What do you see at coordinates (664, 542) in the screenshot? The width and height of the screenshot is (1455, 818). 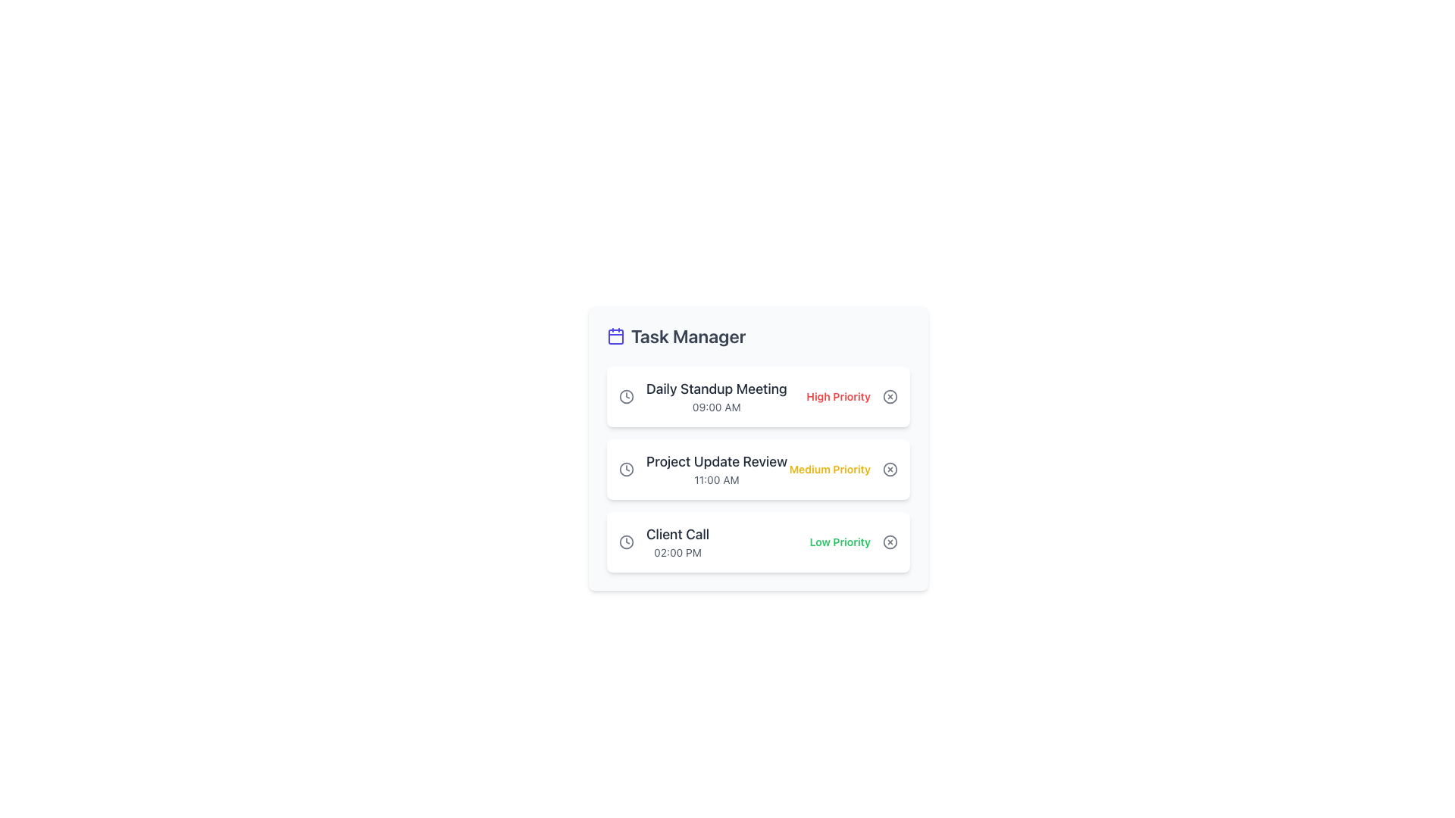 I see `the task information element displaying the clock icon, titled 'Client Call', with the time label '02:00 PM', located in the third task card of the Task Manager` at bounding box center [664, 542].